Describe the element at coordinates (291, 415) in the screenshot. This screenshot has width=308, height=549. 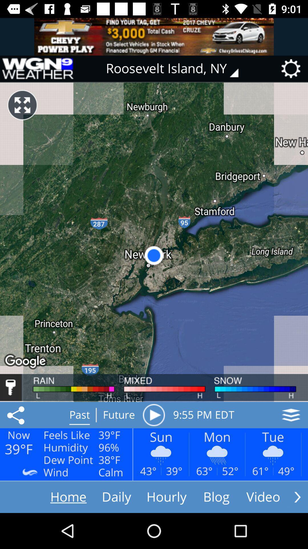
I see `radar layers` at that location.